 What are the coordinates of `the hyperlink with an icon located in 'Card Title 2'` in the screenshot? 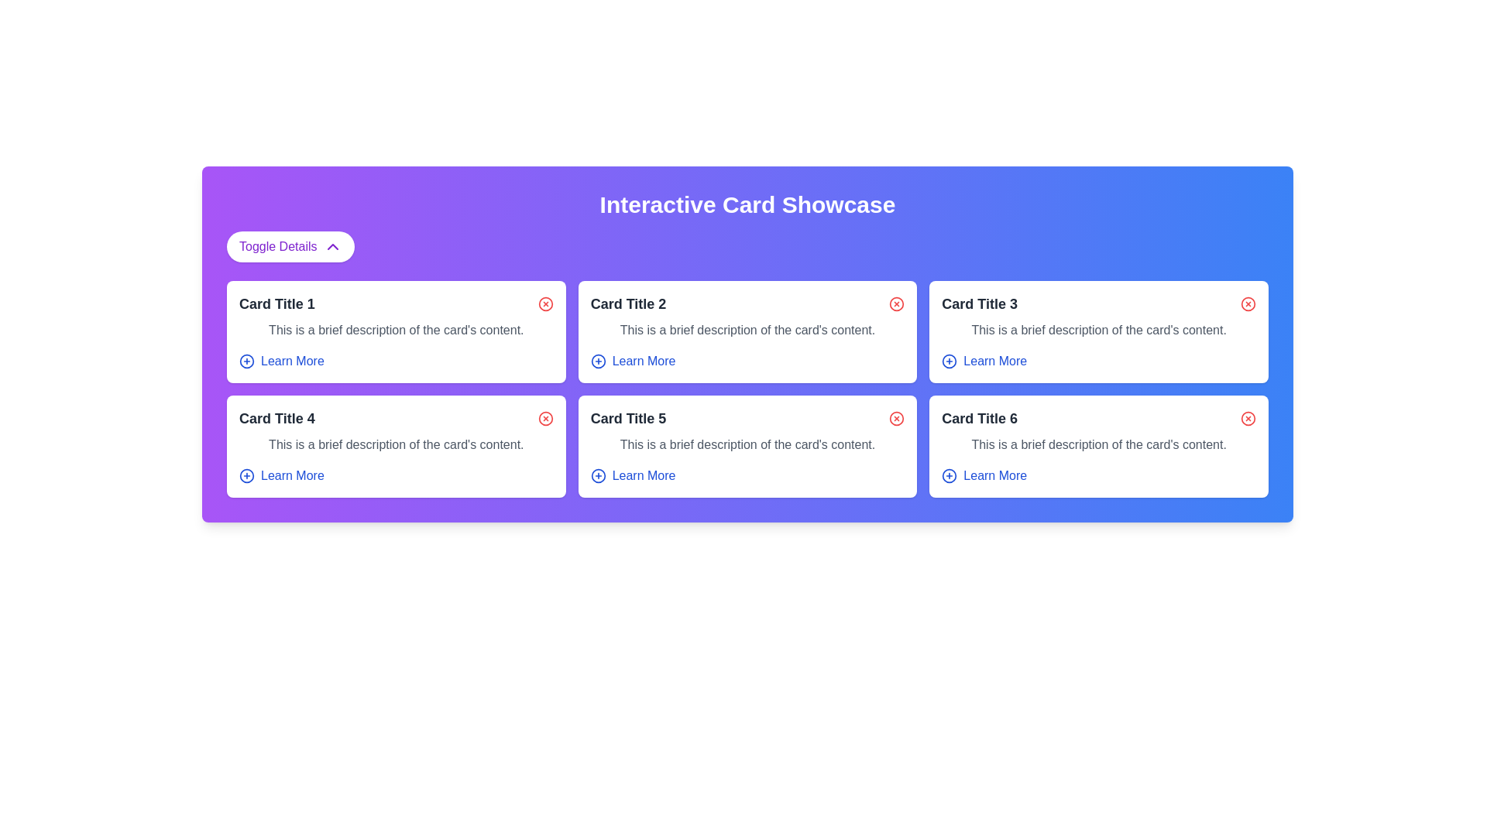 It's located at (633, 361).